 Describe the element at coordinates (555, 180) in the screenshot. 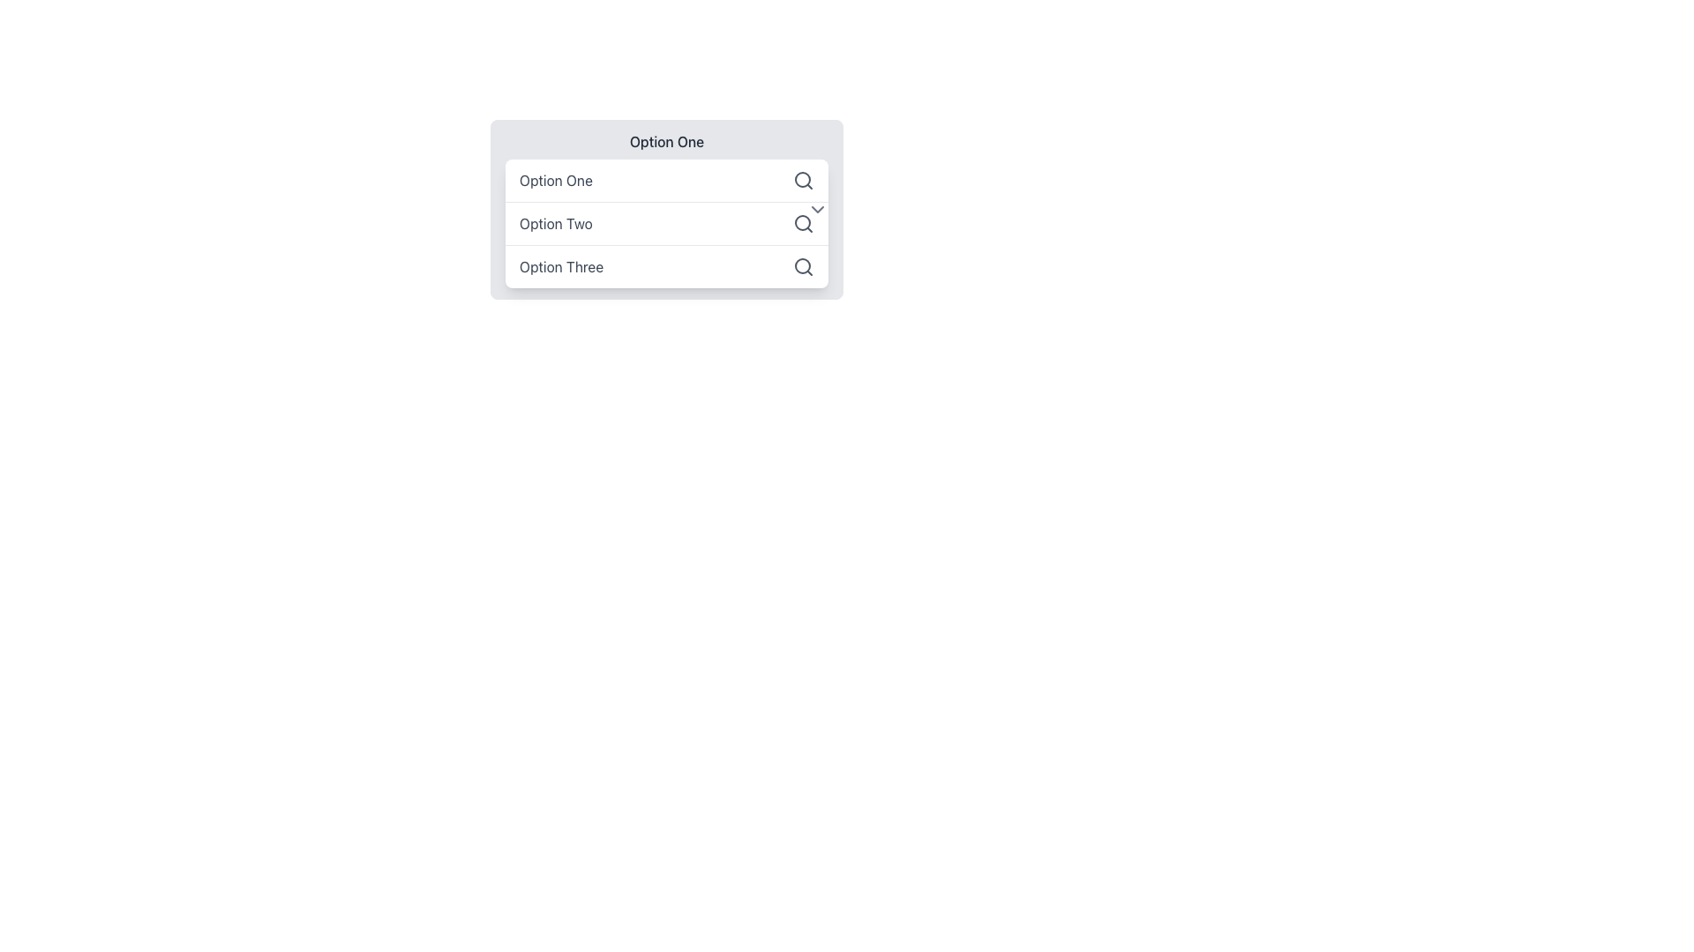

I see `text content of the label displaying 'Option One' in the first menu item of the dropdown list` at that location.